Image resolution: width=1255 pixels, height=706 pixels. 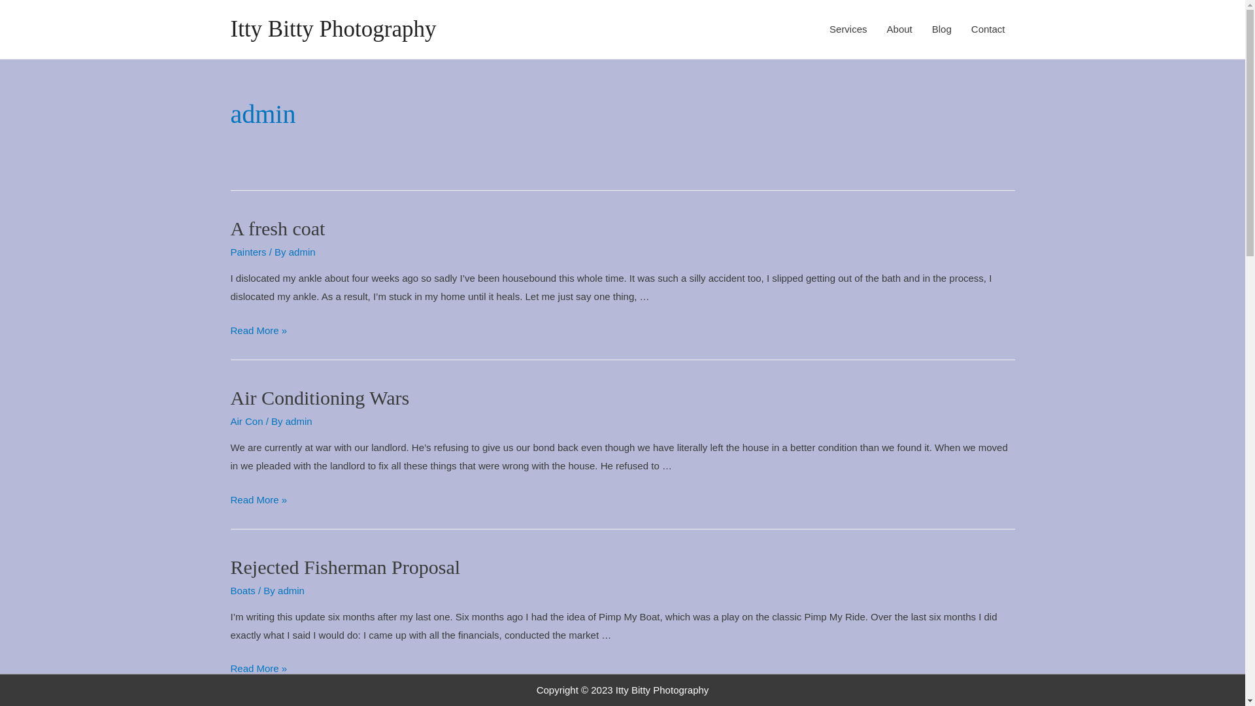 I want to click on 'A fresh coat', so click(x=229, y=227).